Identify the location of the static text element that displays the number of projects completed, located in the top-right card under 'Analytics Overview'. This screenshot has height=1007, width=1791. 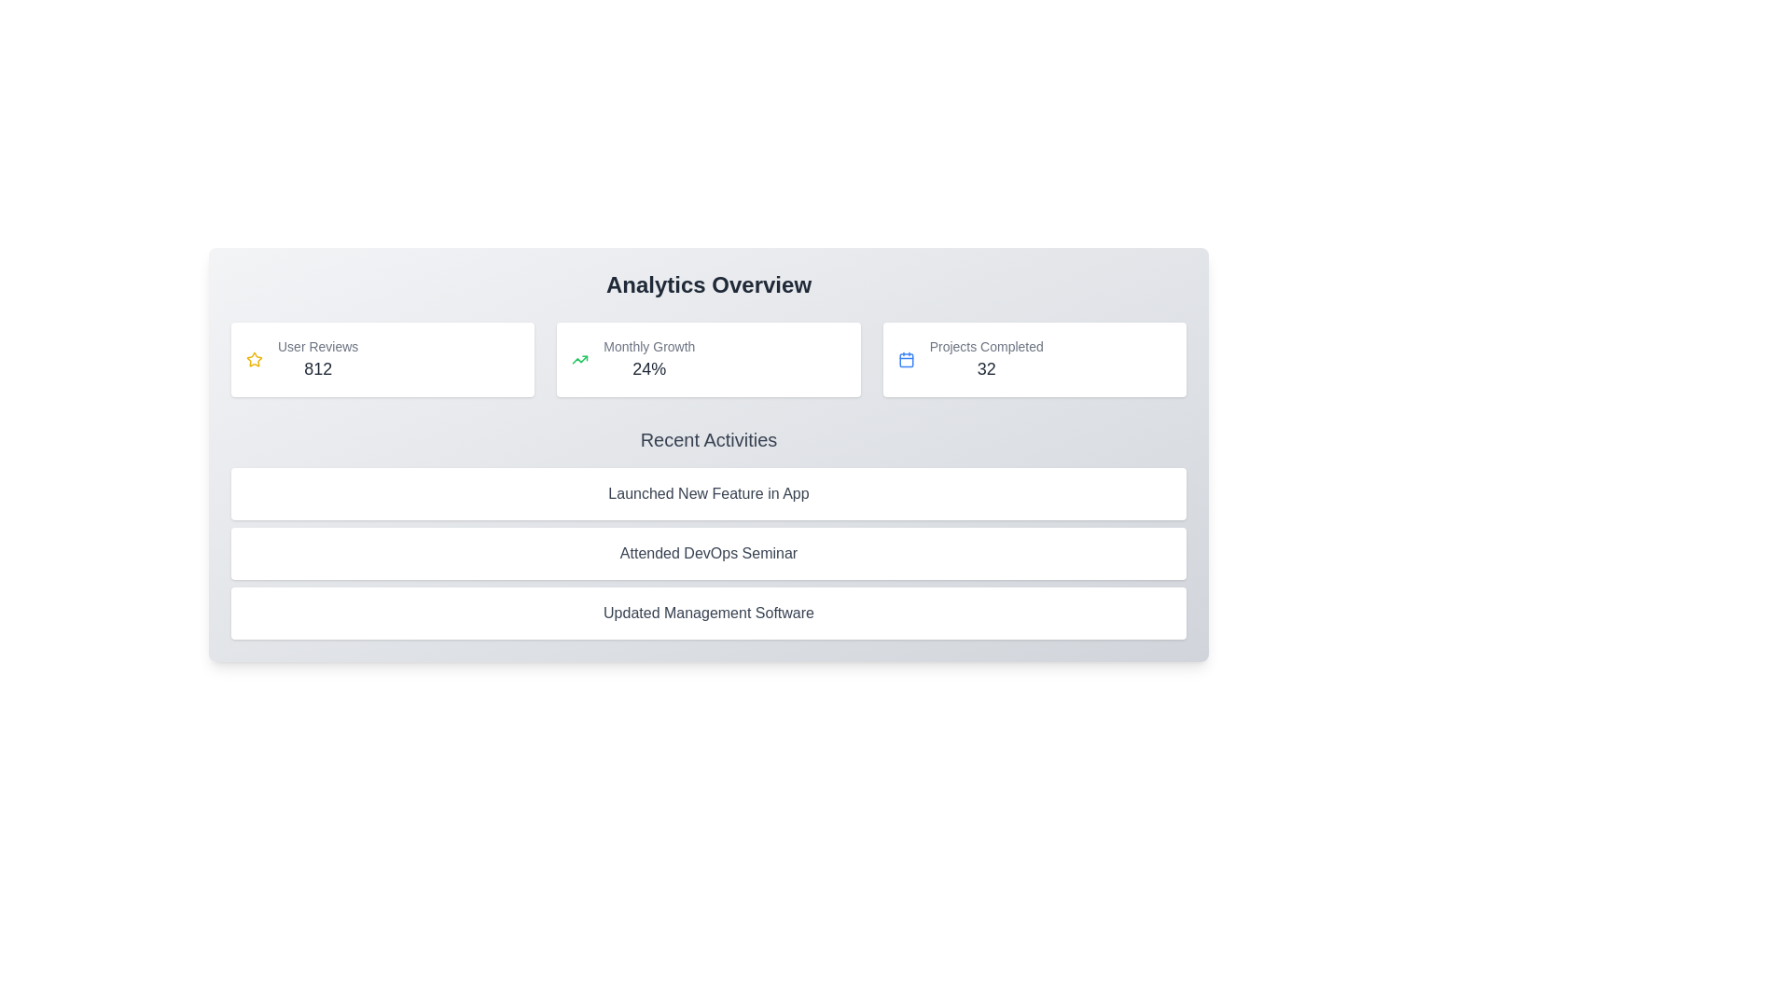
(985, 359).